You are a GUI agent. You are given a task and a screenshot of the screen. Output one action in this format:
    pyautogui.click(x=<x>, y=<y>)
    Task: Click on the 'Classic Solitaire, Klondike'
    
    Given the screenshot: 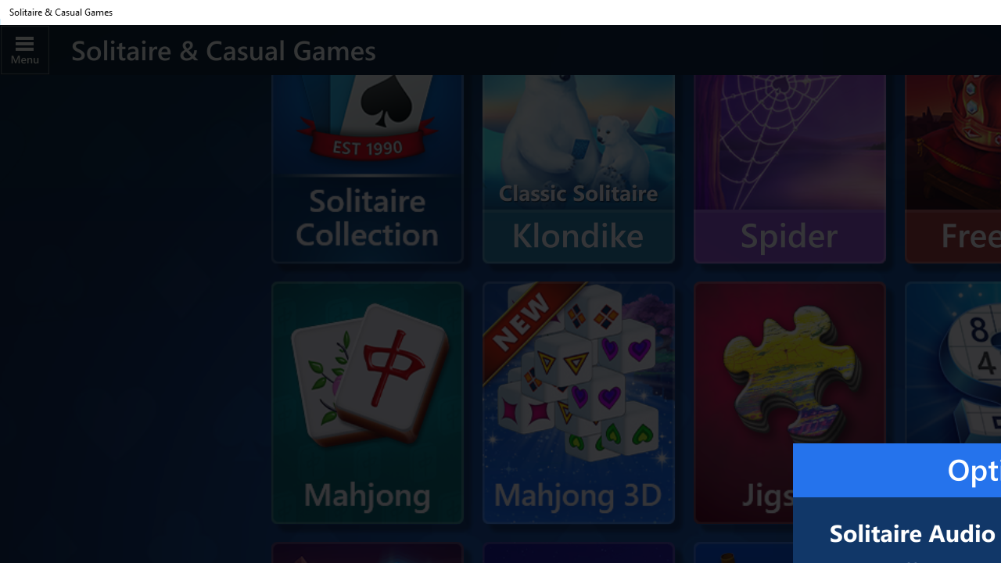 What is the action you would take?
    pyautogui.click(x=577, y=142)
    